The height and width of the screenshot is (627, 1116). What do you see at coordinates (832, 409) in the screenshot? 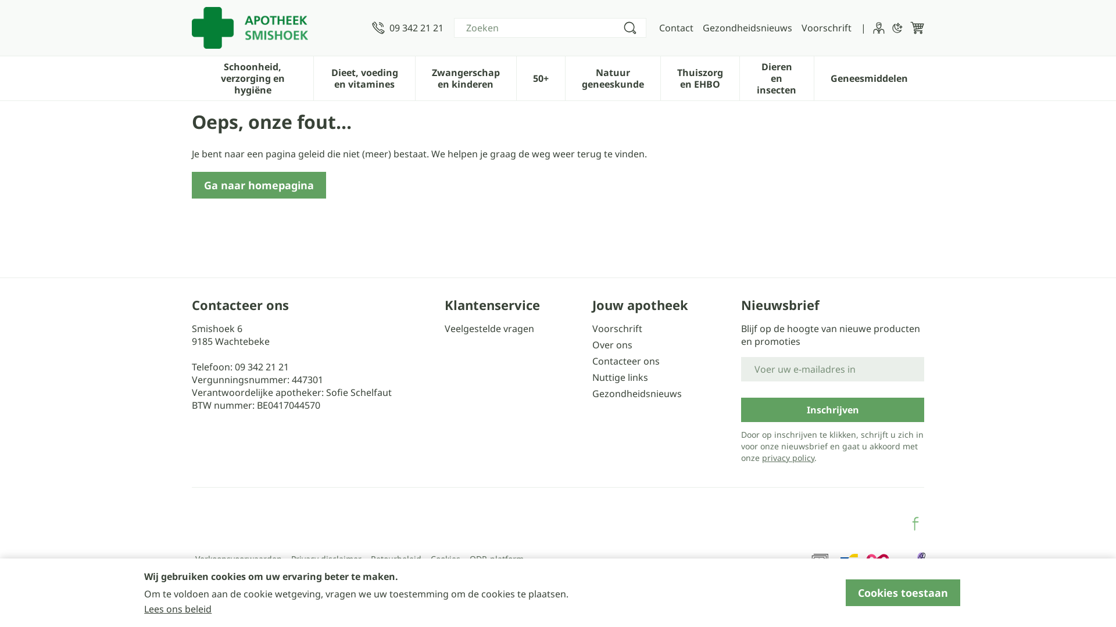
I see `'Inschrijven'` at bounding box center [832, 409].